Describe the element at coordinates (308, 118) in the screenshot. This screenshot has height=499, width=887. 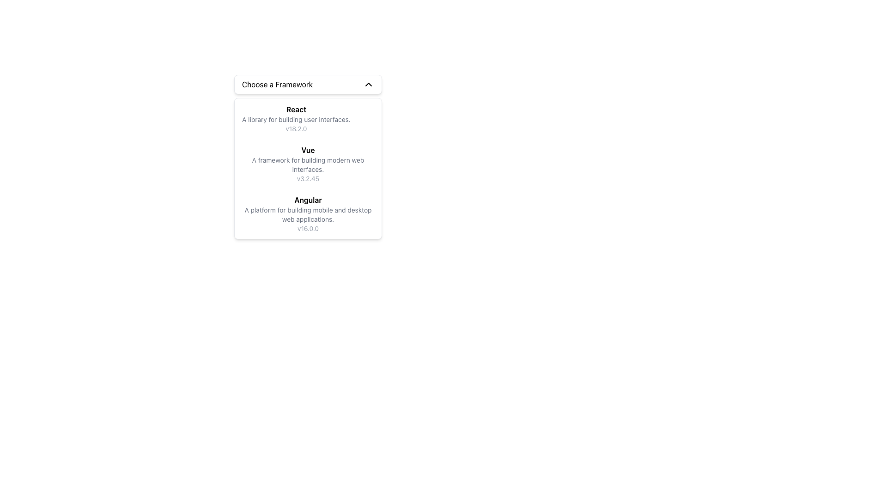
I see `the first selectable option in the dropdown menu labeled 'Choose a Framework'` at that location.